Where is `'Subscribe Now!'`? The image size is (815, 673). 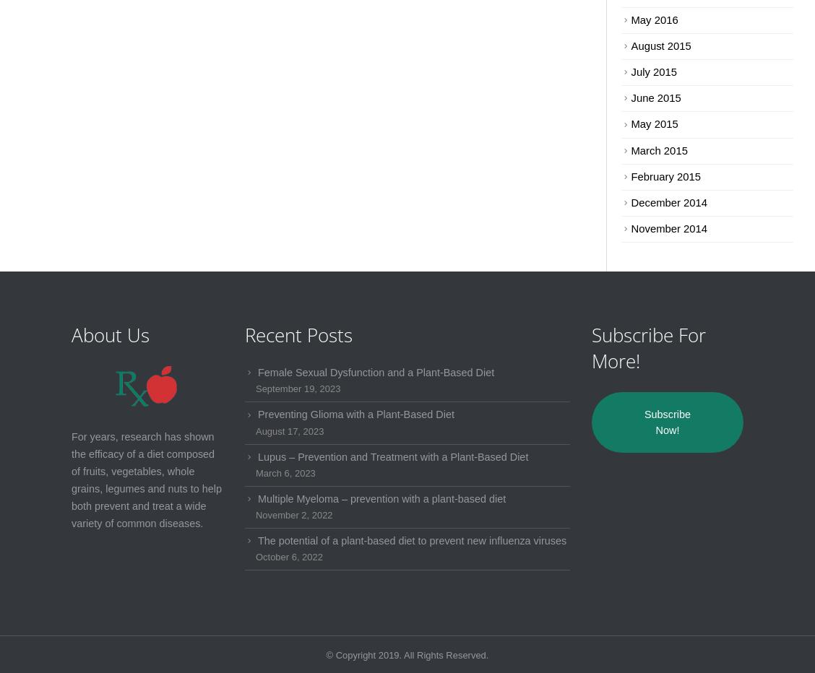 'Subscribe Now!' is located at coordinates (667, 422).